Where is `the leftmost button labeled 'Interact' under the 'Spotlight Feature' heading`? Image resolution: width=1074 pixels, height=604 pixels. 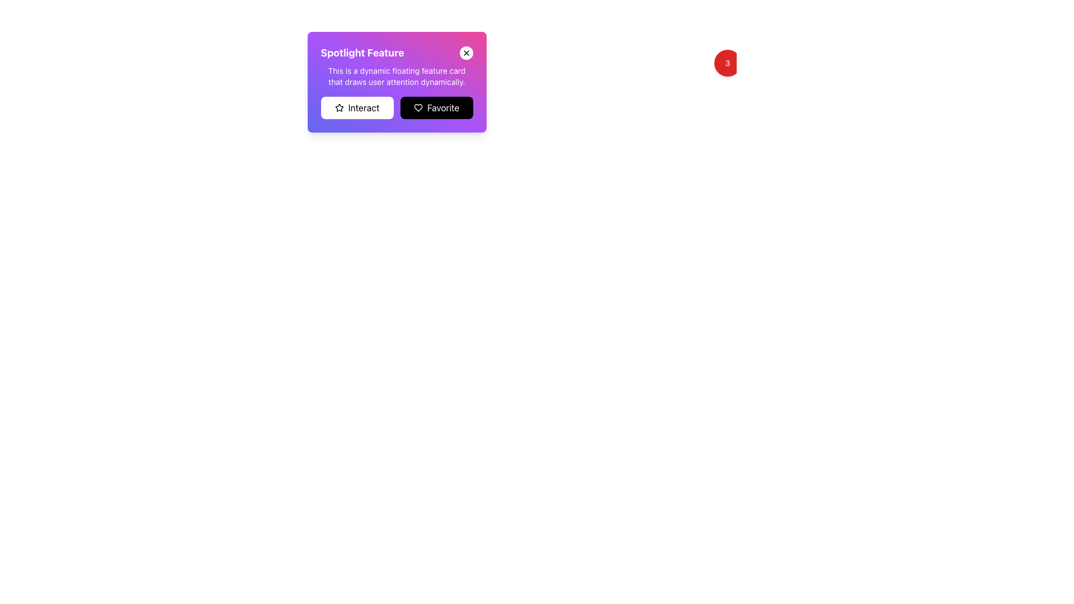 the leftmost button labeled 'Interact' under the 'Spotlight Feature' heading is located at coordinates (356, 107).